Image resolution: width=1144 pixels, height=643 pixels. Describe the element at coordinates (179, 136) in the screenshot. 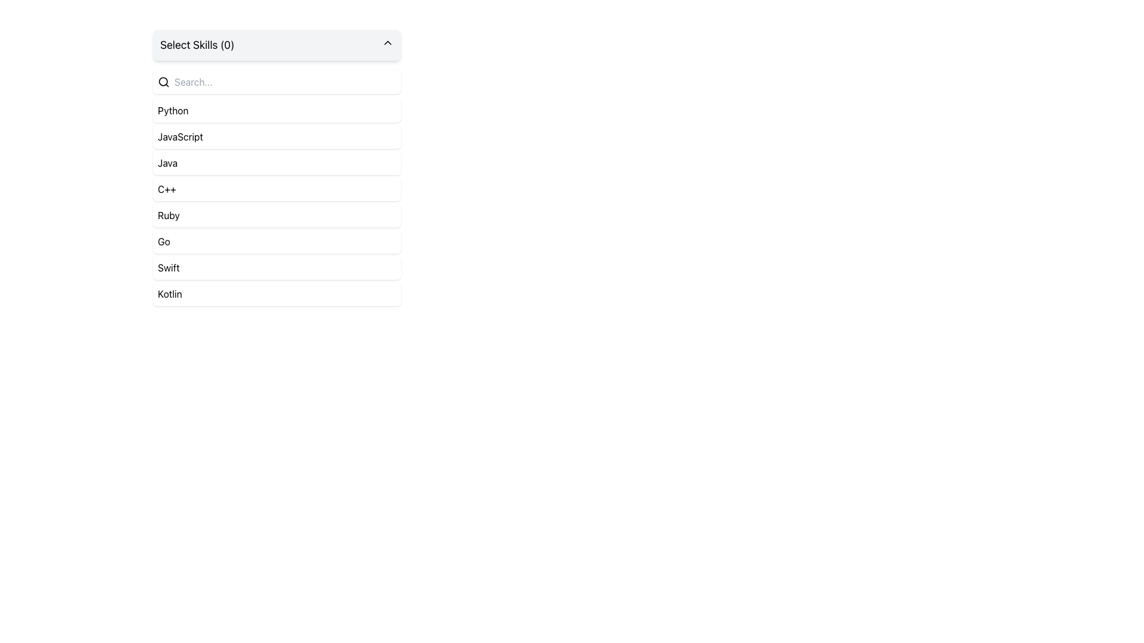

I see `the text label 'JavaScript' in the dropdown list` at that location.